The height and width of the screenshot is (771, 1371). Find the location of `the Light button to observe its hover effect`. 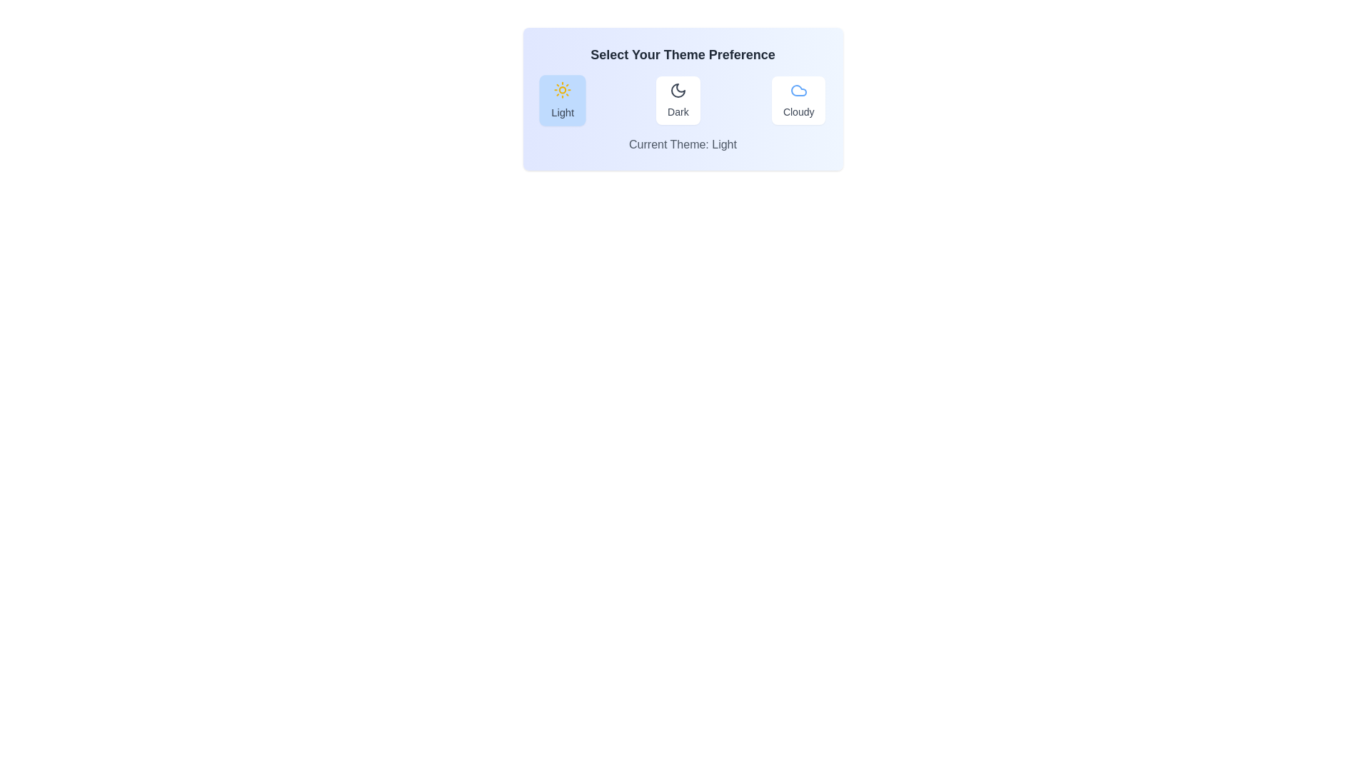

the Light button to observe its hover effect is located at coordinates (561, 100).